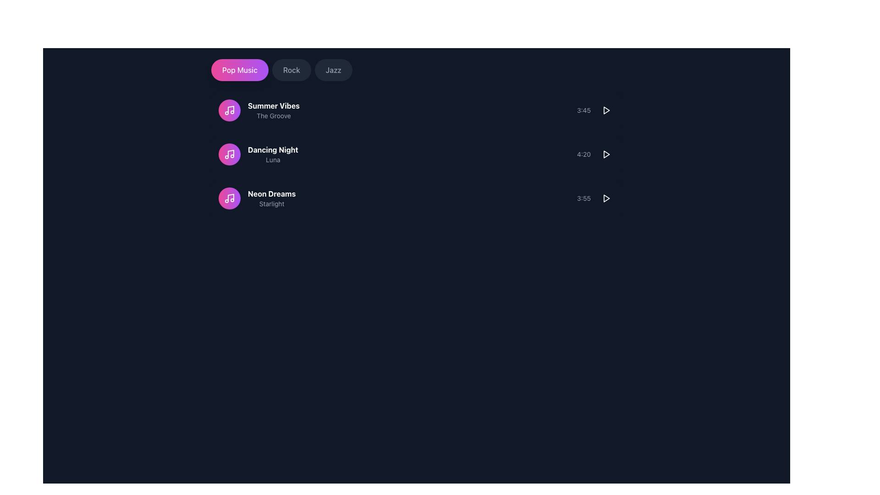  I want to click on the circular music note icon with a gradient background transitioning from pink to purple, located to the left of the 'Dancing Night' and 'Luna' text elements, so click(229, 154).